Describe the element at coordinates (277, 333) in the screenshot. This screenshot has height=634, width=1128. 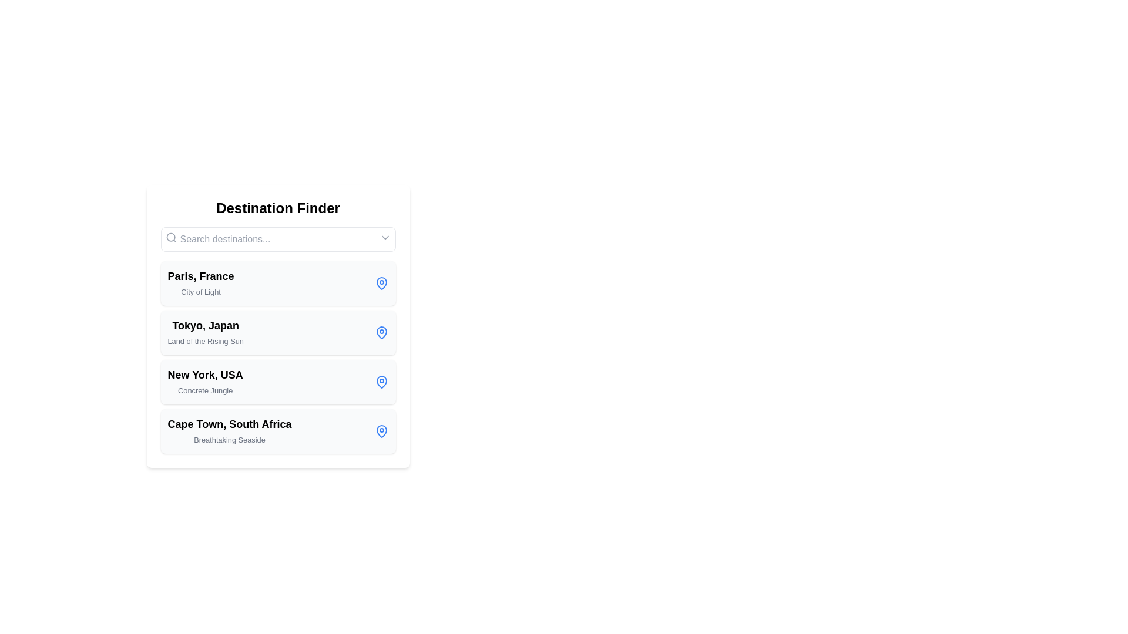
I see `the second item in the list of destinations, which provides information about Tokyo, Japan` at that location.